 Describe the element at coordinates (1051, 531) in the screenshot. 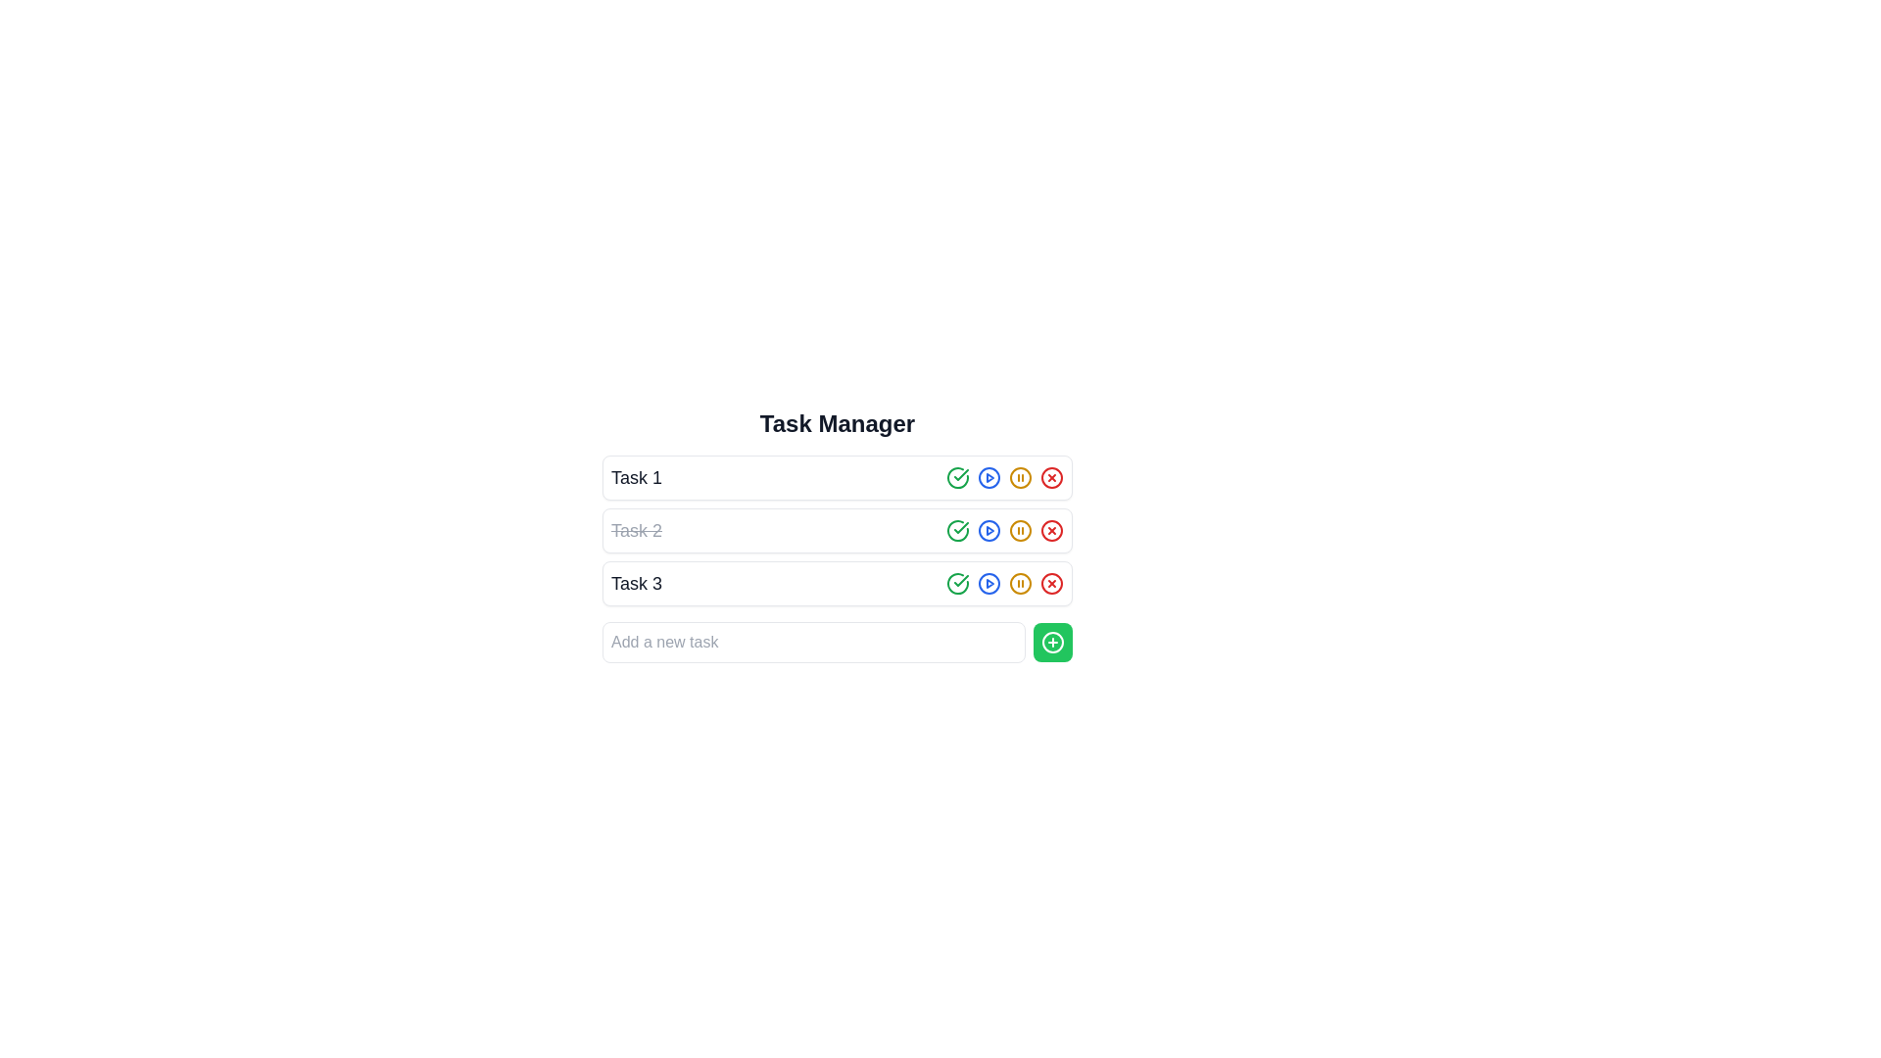

I see `the delete icon button located at the top-right group of interactive controls for the second task` at that location.